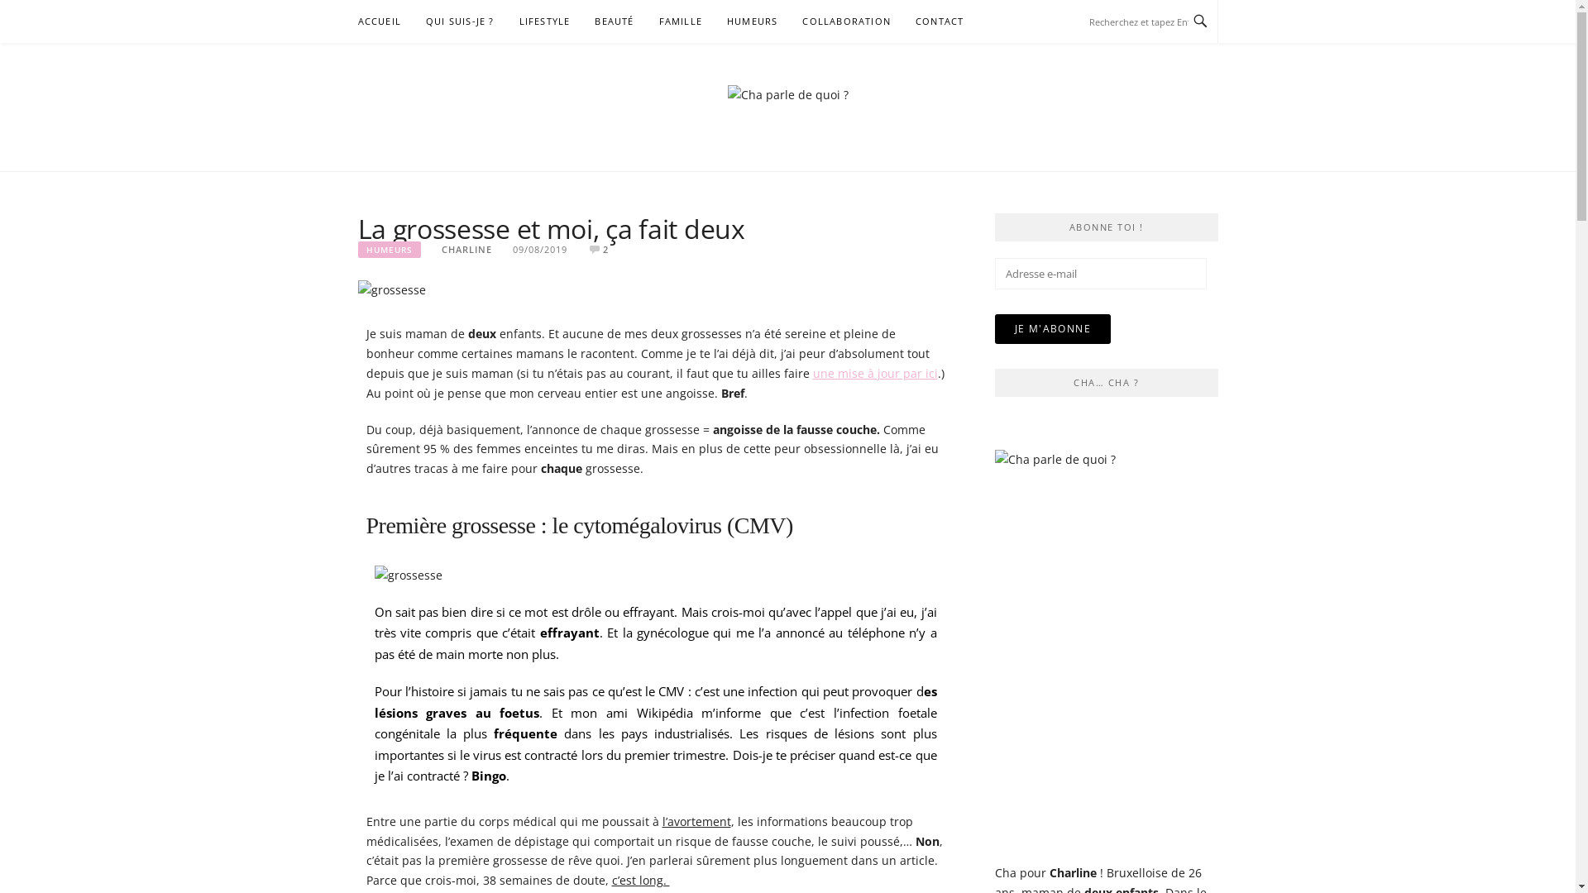 This screenshot has width=1588, height=893. Describe the element at coordinates (992, 328) in the screenshot. I see `'JE M'ABONNE'` at that location.